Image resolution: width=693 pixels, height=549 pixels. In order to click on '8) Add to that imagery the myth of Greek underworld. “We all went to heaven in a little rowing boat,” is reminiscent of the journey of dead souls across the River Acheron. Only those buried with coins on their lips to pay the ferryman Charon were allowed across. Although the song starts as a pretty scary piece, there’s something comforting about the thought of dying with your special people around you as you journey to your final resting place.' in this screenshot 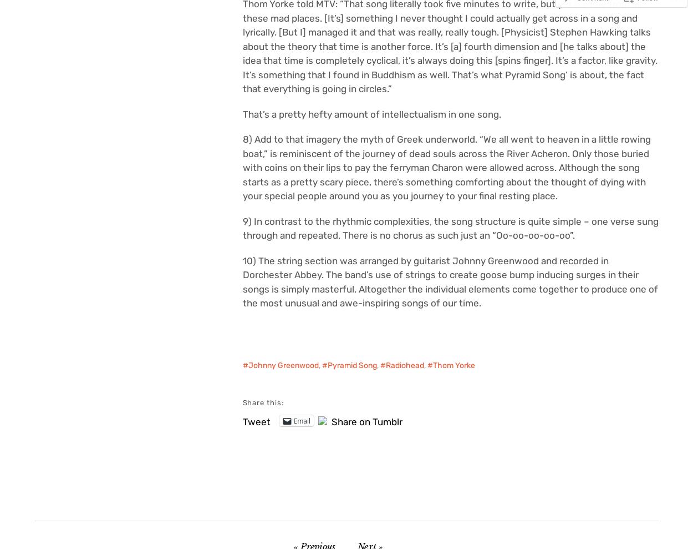, I will do `click(446, 168)`.